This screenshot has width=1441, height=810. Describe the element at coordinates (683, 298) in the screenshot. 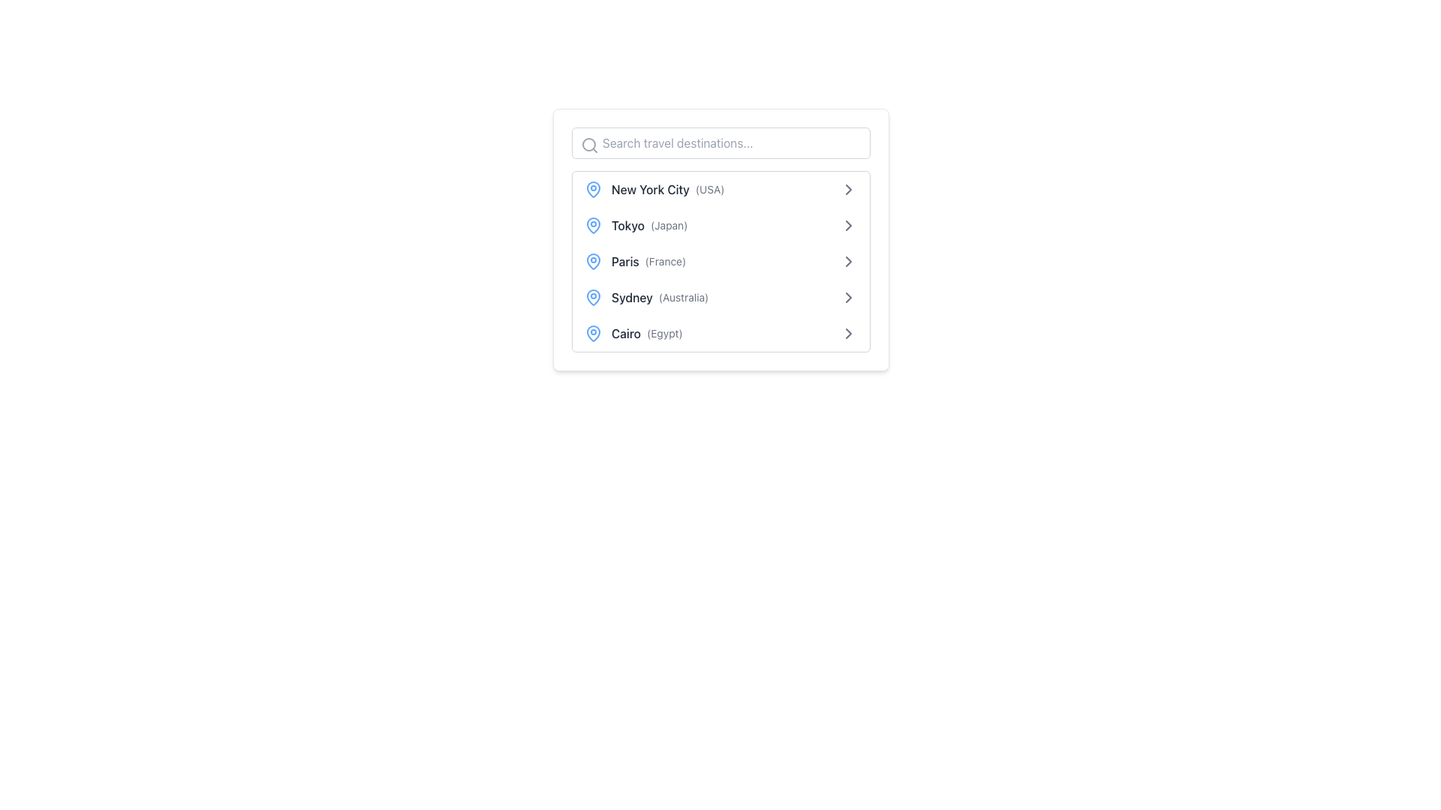

I see `the text label displaying '(Australia)' next to 'Sydney', which is in a small-sized, gray font located towards the lower center of the interface` at that location.